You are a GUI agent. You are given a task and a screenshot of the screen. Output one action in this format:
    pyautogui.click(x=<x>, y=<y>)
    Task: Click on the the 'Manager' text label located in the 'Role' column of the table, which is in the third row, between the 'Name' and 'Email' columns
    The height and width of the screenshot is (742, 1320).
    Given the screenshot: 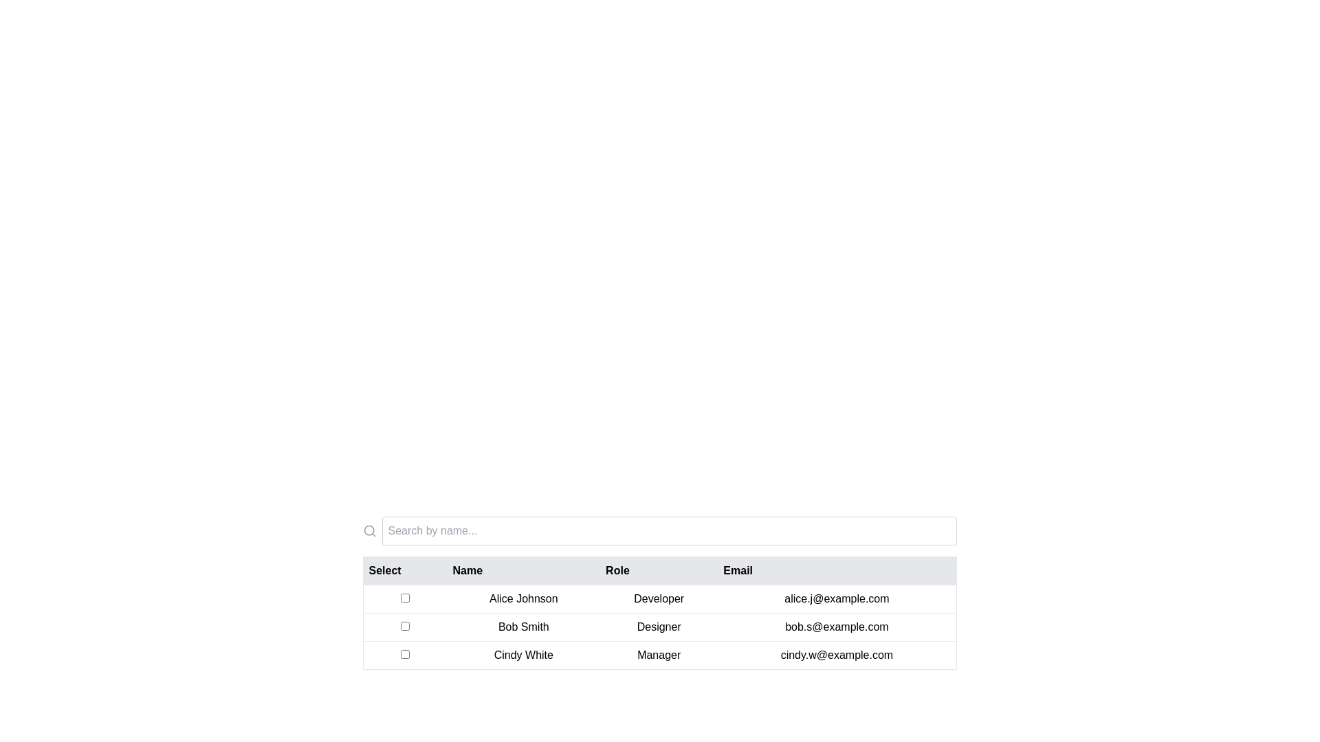 What is the action you would take?
    pyautogui.click(x=658, y=654)
    